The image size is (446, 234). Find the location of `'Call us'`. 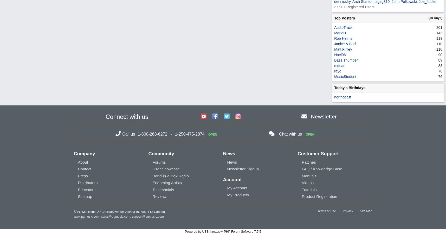

'Call us' is located at coordinates (129, 134).